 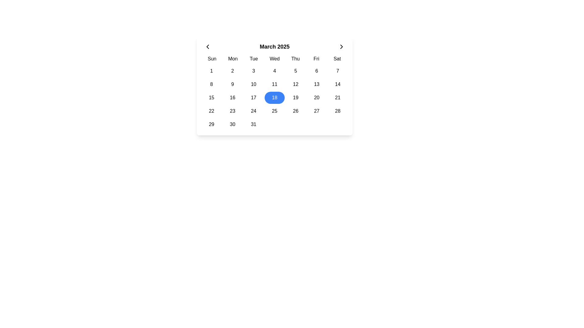 What do you see at coordinates (207, 46) in the screenshot?
I see `the left-pointing chevron icon button` at bounding box center [207, 46].